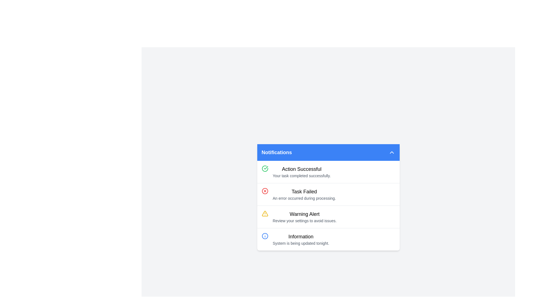 The height and width of the screenshot is (300, 534). I want to click on the warning icon located to the left of the 'Warning Alert' text label within the notification card, so click(264, 213).